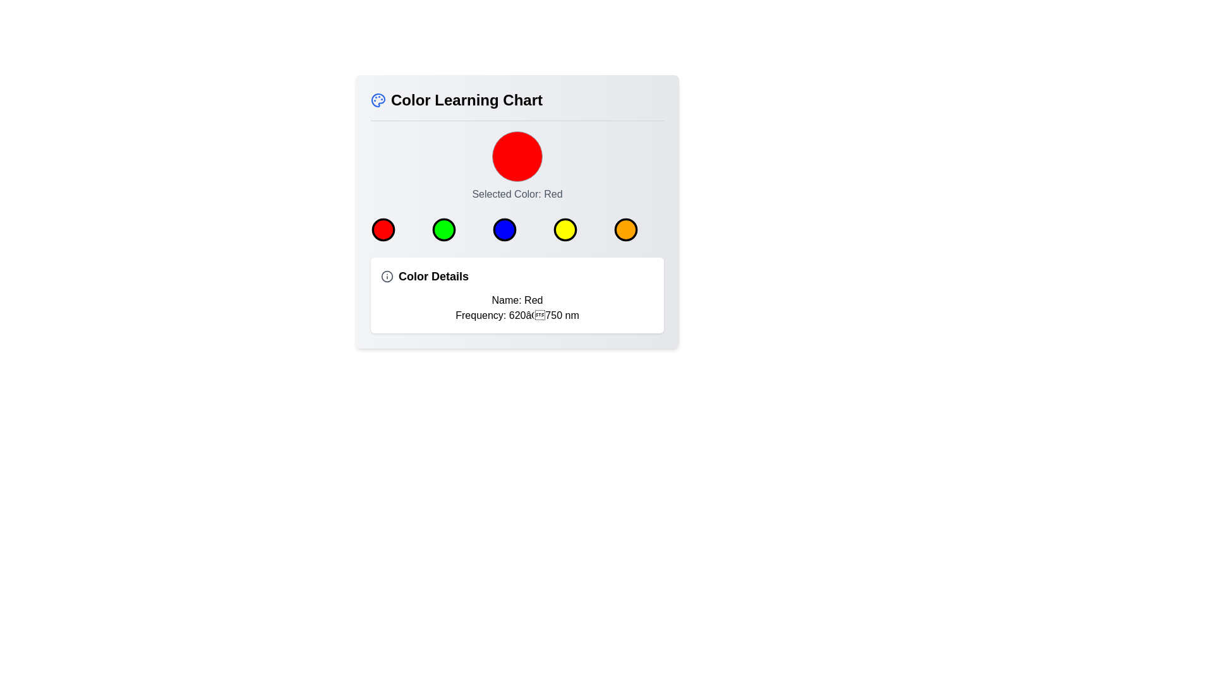 This screenshot has width=1213, height=682. Describe the element at coordinates (517, 315) in the screenshot. I see `the descriptive text label that indicates the frequency range (620–750 nm) of the selected color, which is red, located in the 'Color Details' section below 'Name: Red'` at that location.